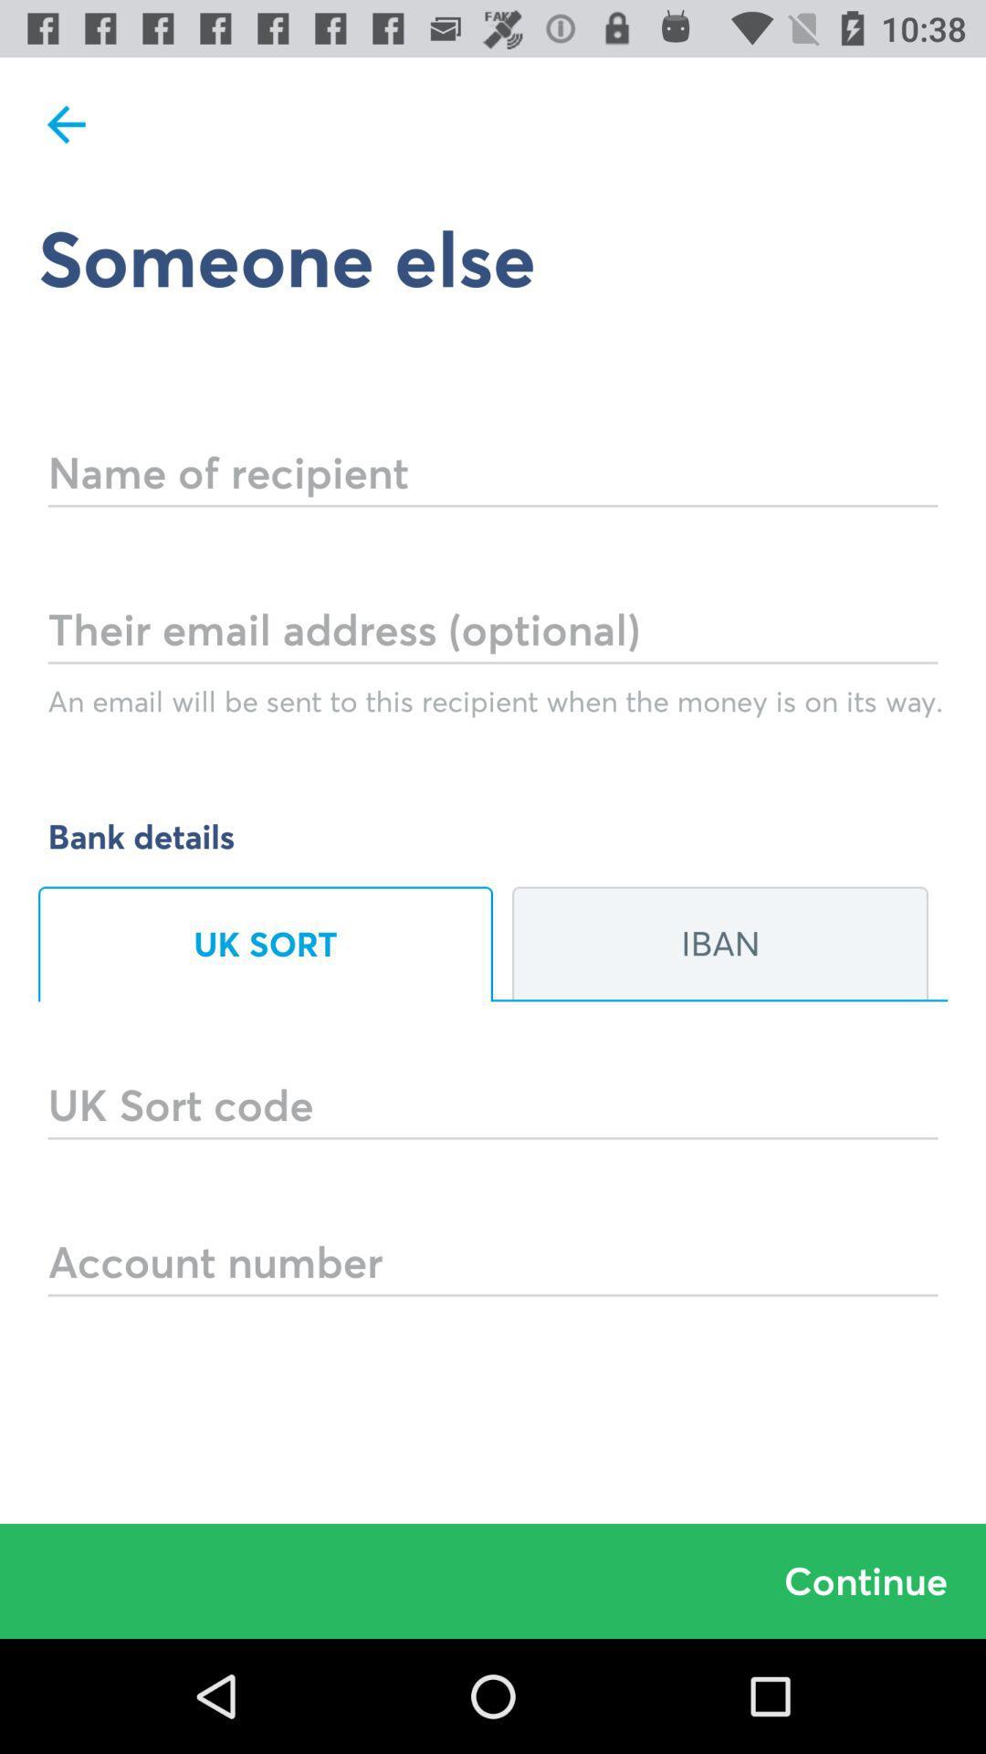  I want to click on the icon next to the uk sort, so click(719, 944).